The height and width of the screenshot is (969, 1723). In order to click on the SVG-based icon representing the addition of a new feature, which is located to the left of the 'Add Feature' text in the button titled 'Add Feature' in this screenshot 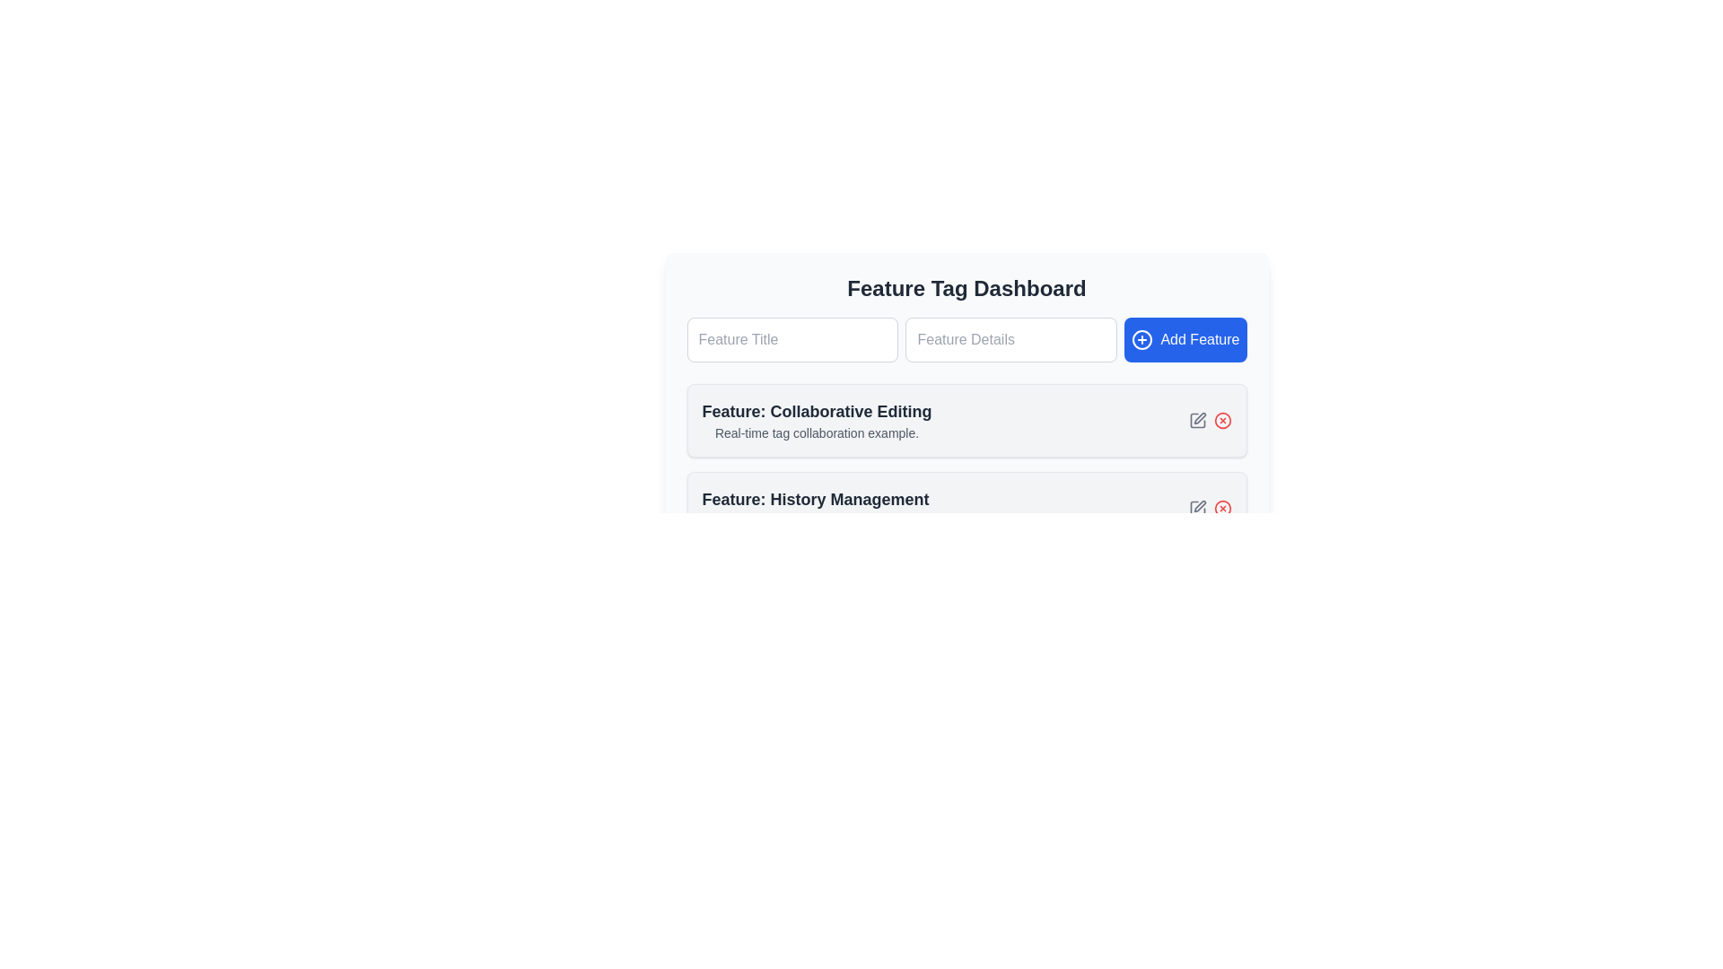, I will do `click(1141, 339)`.